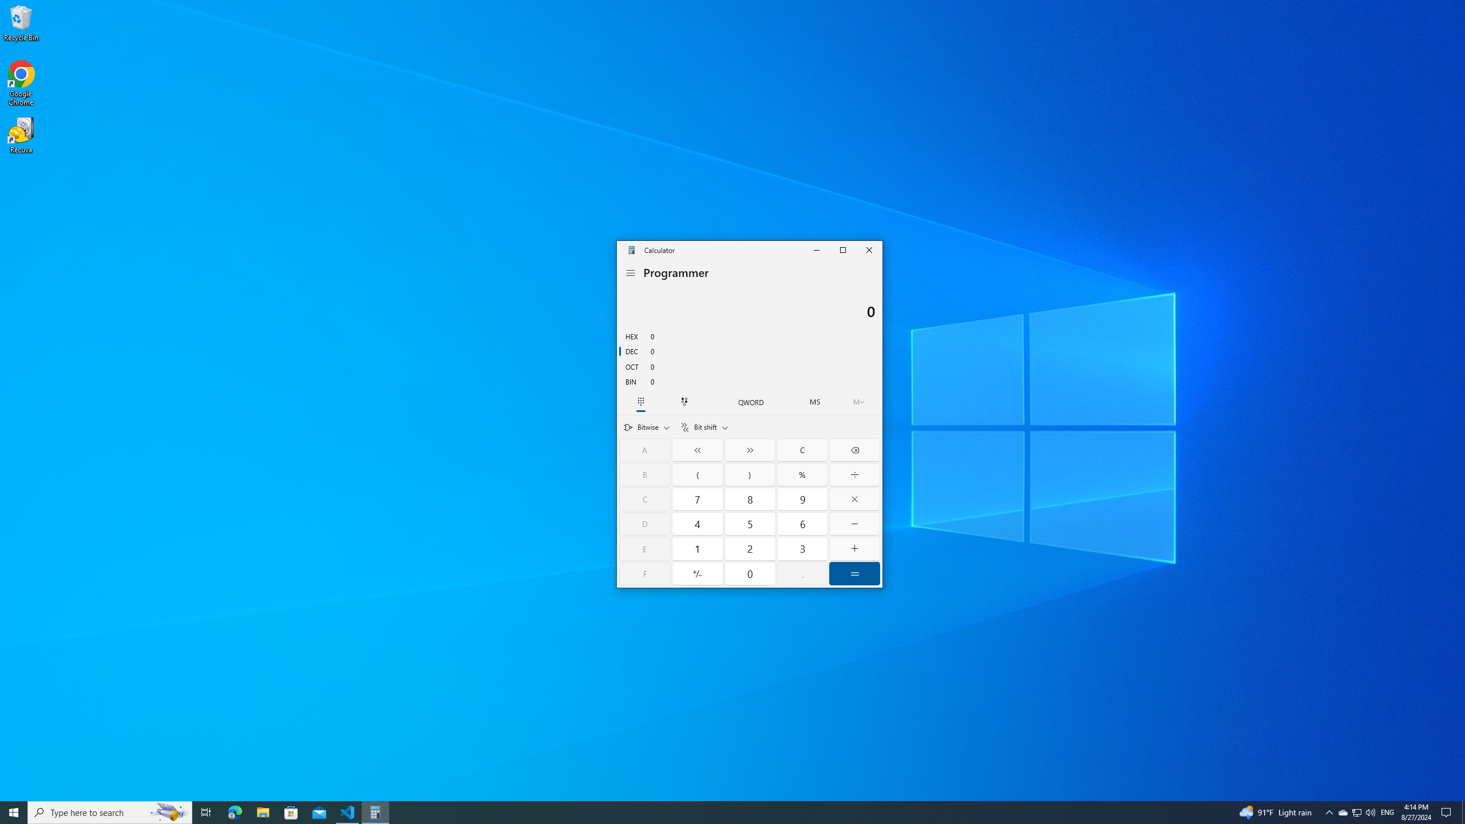 The height and width of the screenshot is (824, 1465). Describe the element at coordinates (644, 573) in the screenshot. I see `'F'` at that location.